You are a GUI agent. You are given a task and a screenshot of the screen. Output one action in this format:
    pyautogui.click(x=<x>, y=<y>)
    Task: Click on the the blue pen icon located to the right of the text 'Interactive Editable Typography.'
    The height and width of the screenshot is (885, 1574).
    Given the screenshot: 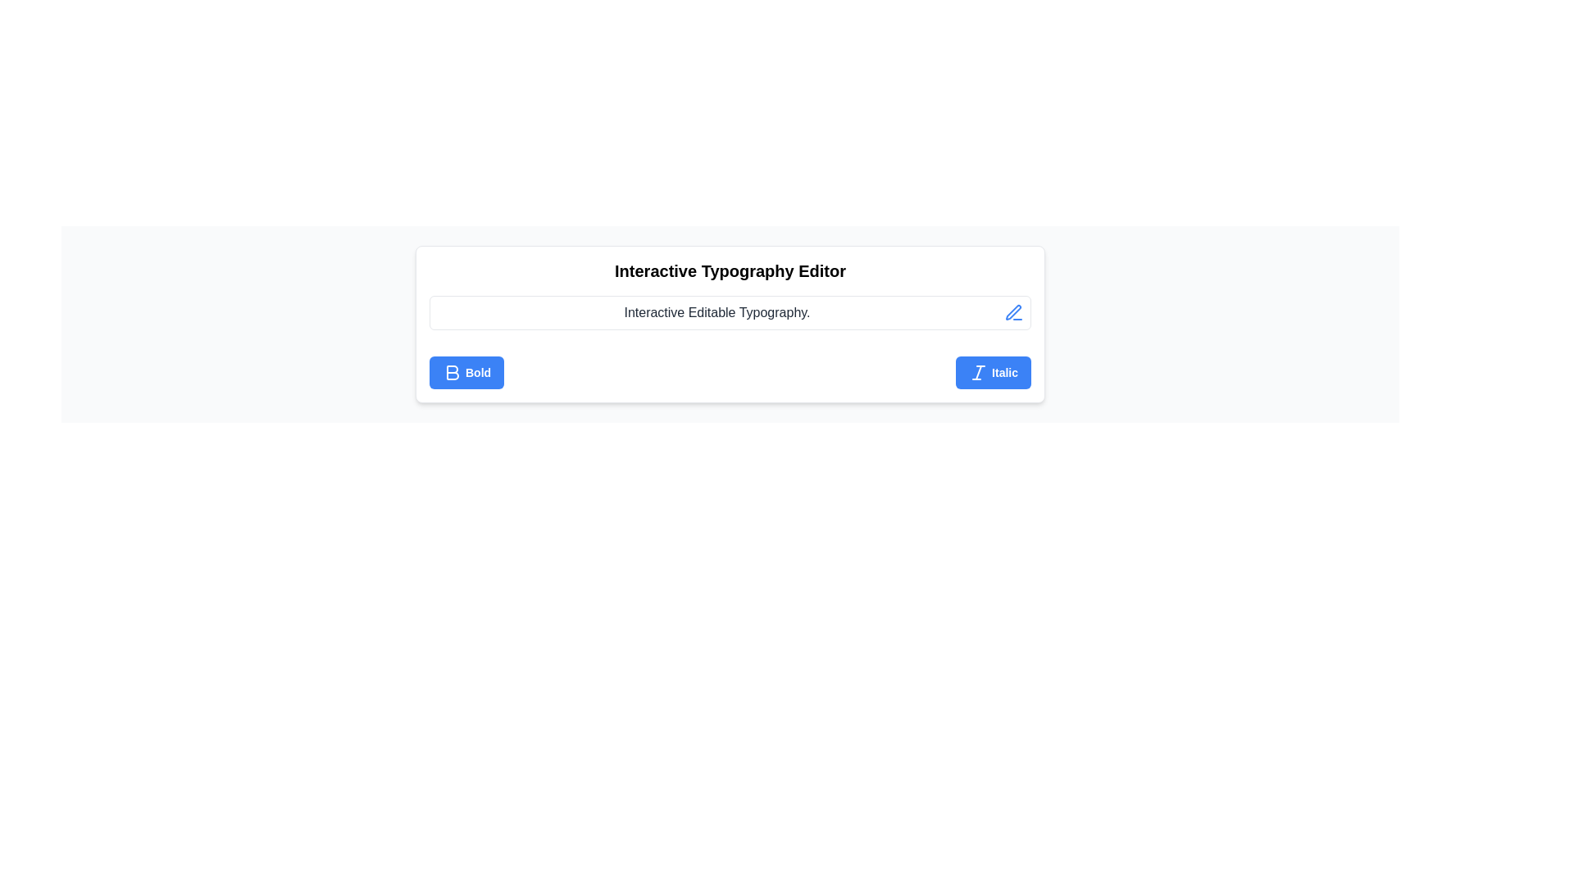 What is the action you would take?
    pyautogui.click(x=1013, y=312)
    